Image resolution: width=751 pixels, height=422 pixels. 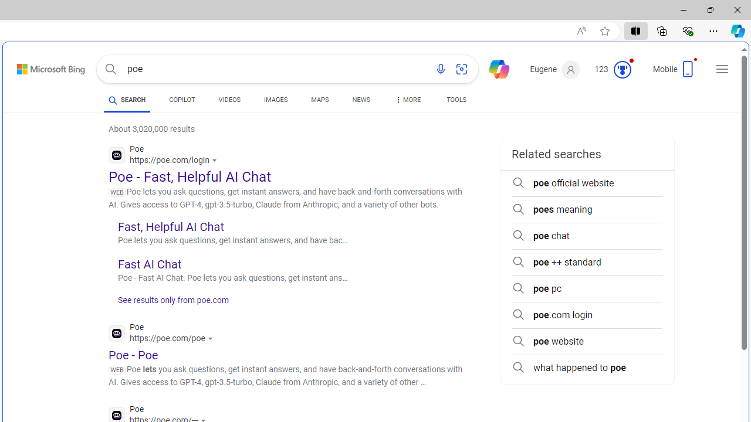 What do you see at coordinates (117, 414) in the screenshot?
I see `'Global web icon'` at bounding box center [117, 414].